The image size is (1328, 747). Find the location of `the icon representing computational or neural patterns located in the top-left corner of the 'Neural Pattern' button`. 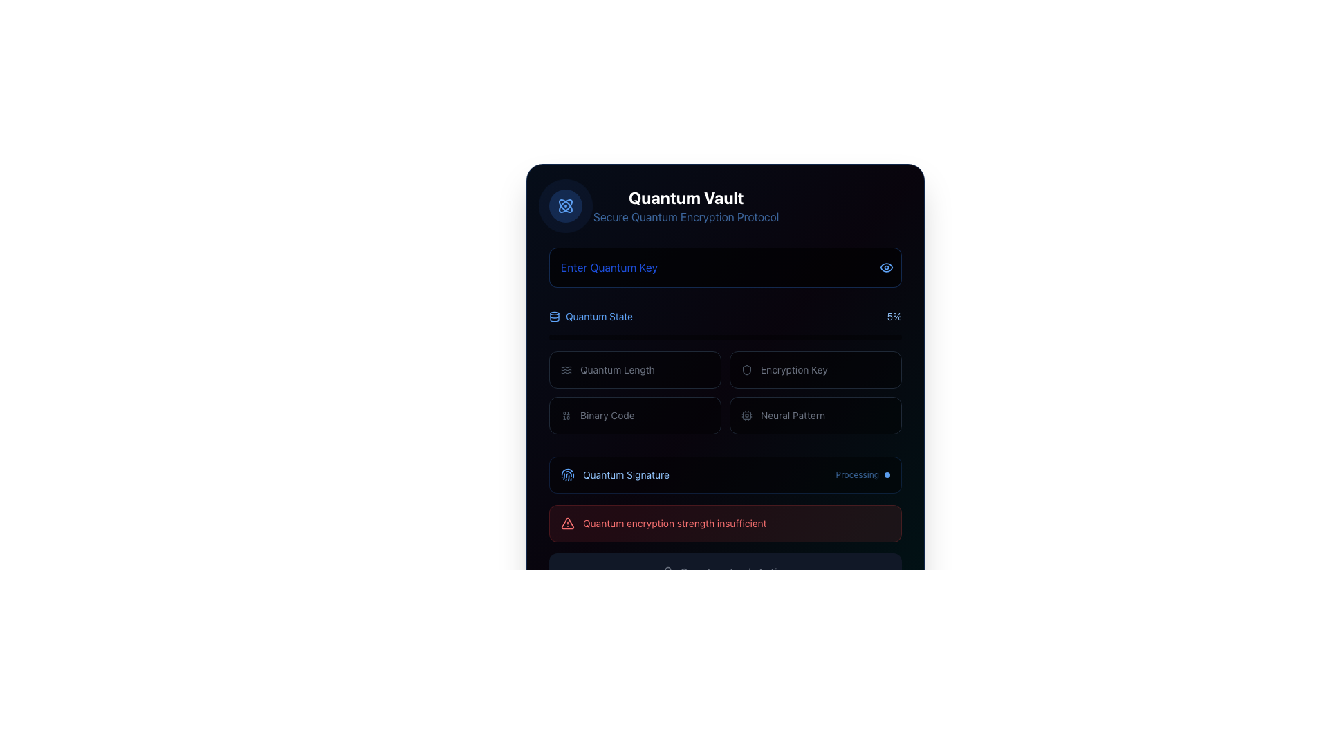

the icon representing computational or neural patterns located in the top-left corner of the 'Neural Pattern' button is located at coordinates (746, 415).